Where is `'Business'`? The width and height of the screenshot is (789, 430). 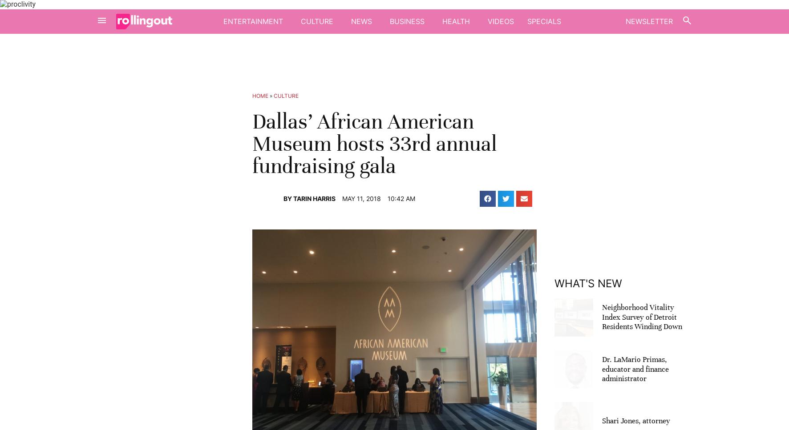 'Business' is located at coordinates (406, 20).